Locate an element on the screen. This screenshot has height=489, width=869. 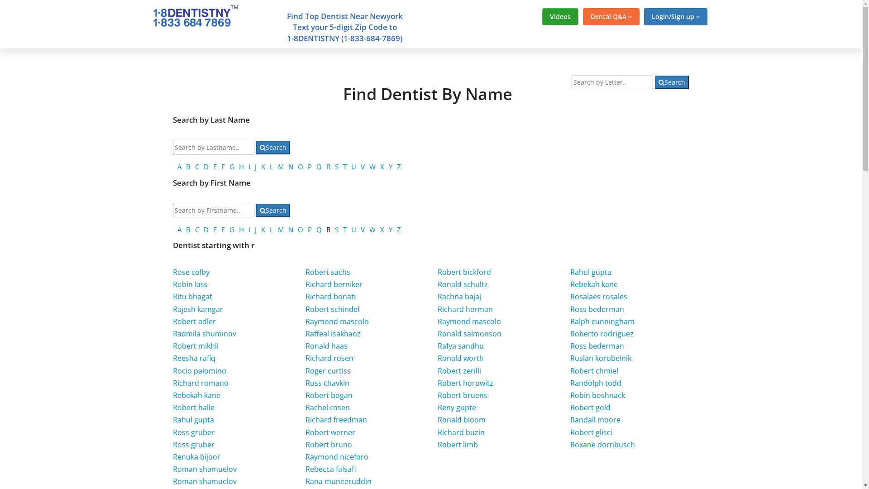
'Ross gruber' is located at coordinates (193, 444).